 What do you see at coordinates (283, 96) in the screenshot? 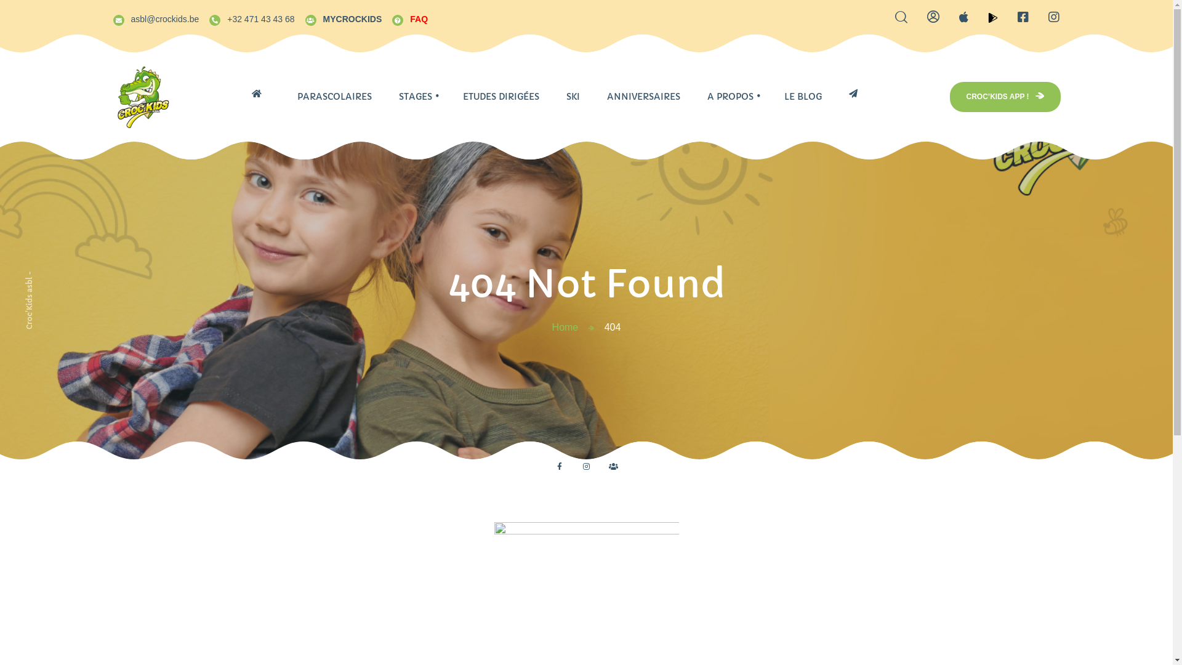
I see `'PARASCOLAIRES'` at bounding box center [283, 96].